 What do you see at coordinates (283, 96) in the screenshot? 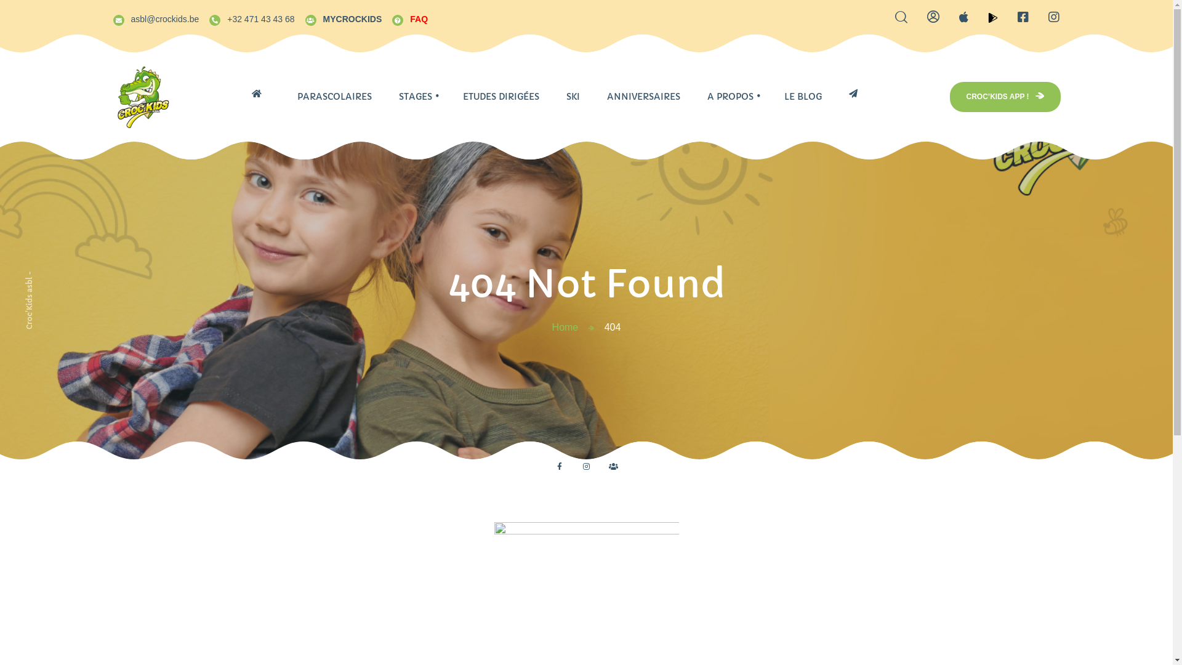
I see `'PARASCOLAIRES'` at bounding box center [283, 96].